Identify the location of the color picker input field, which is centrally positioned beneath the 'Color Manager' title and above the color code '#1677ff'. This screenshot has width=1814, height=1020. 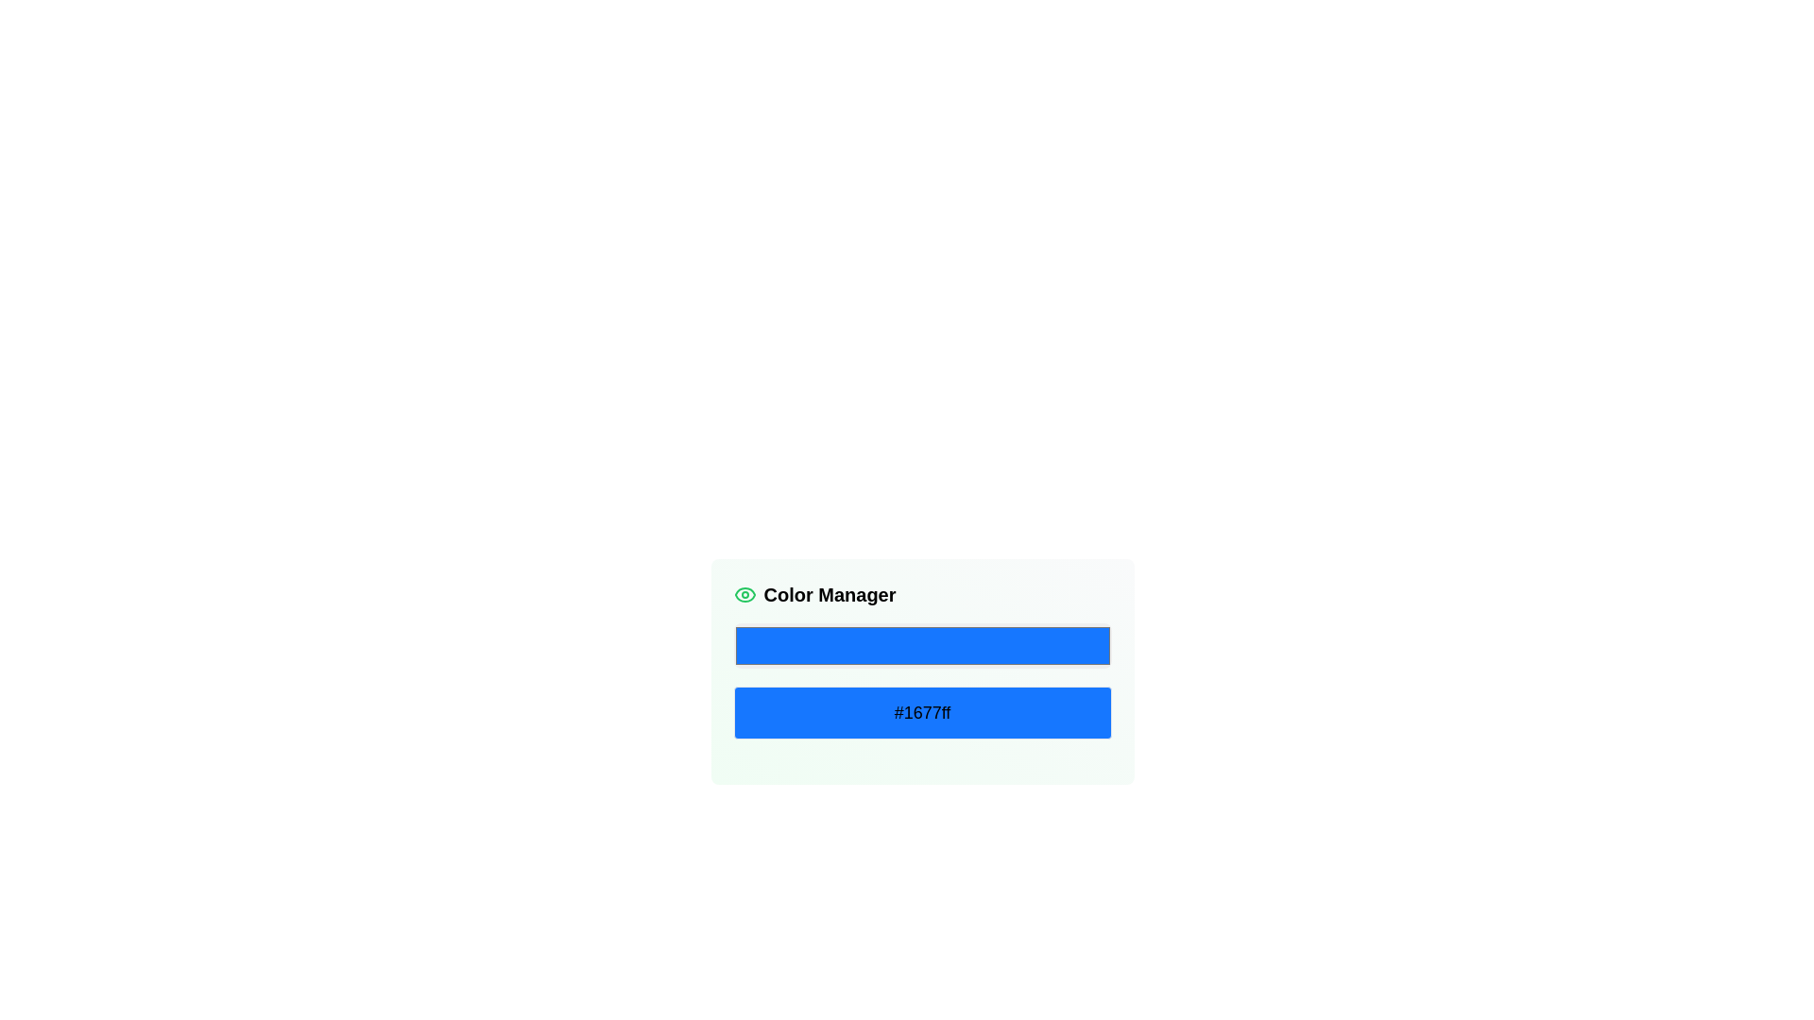
(922, 644).